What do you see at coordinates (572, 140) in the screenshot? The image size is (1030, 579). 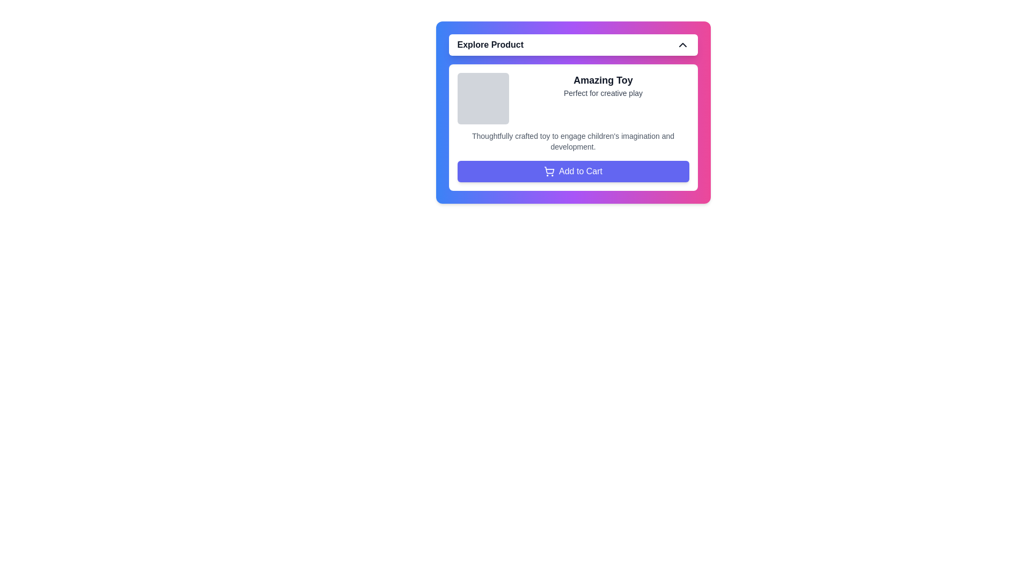 I see `the text block that describes the product, stating 'Thoughtfully crafted toy to engage children's imagination and development,'` at bounding box center [572, 140].